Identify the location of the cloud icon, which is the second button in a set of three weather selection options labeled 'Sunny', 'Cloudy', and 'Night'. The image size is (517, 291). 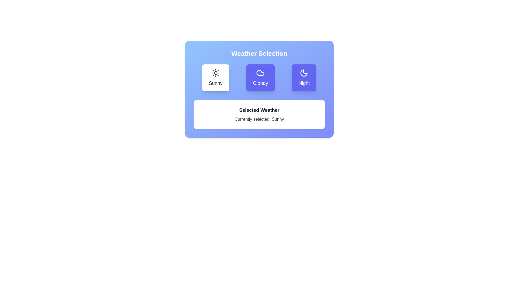
(260, 73).